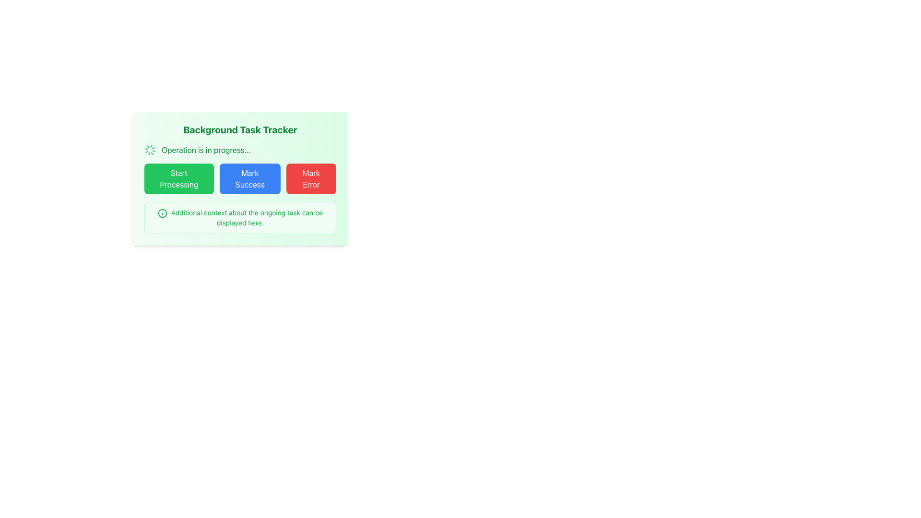 The height and width of the screenshot is (518, 921). What do you see at coordinates (206, 150) in the screenshot?
I see `status message from the Text Label located beneath the main header and to the right of the spinning loader icon` at bounding box center [206, 150].